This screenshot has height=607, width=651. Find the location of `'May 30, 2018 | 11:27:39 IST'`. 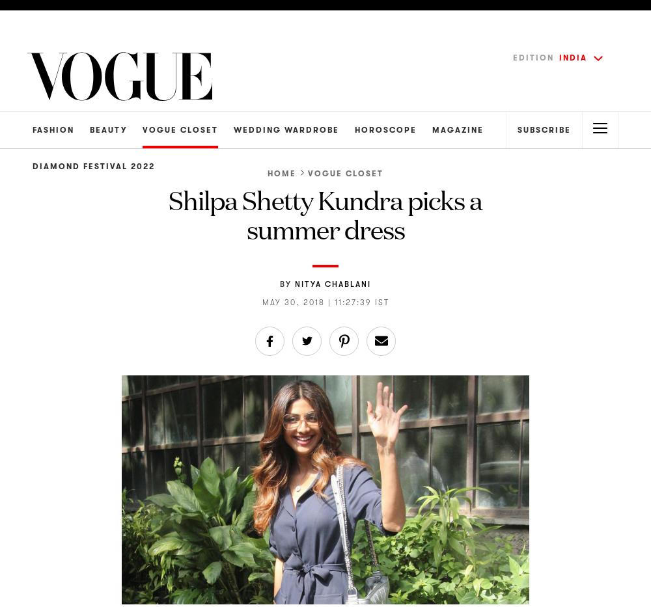

'May 30, 2018 | 11:27:39 IST' is located at coordinates (324, 301).